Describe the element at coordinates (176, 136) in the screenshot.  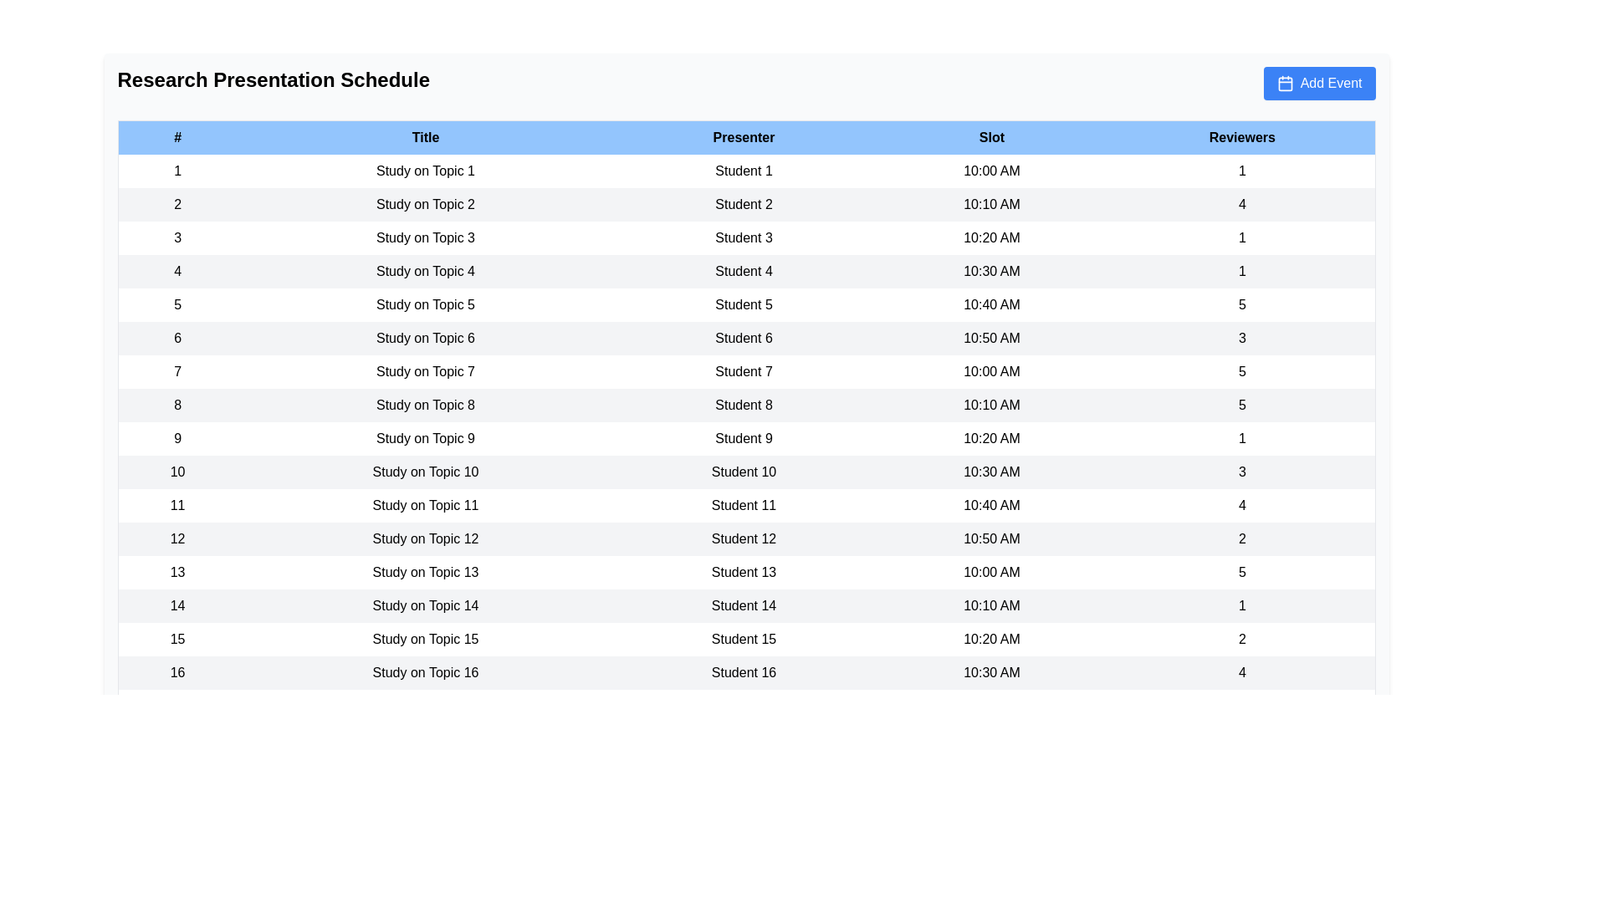
I see `the column header # to sort the table by that column` at that location.